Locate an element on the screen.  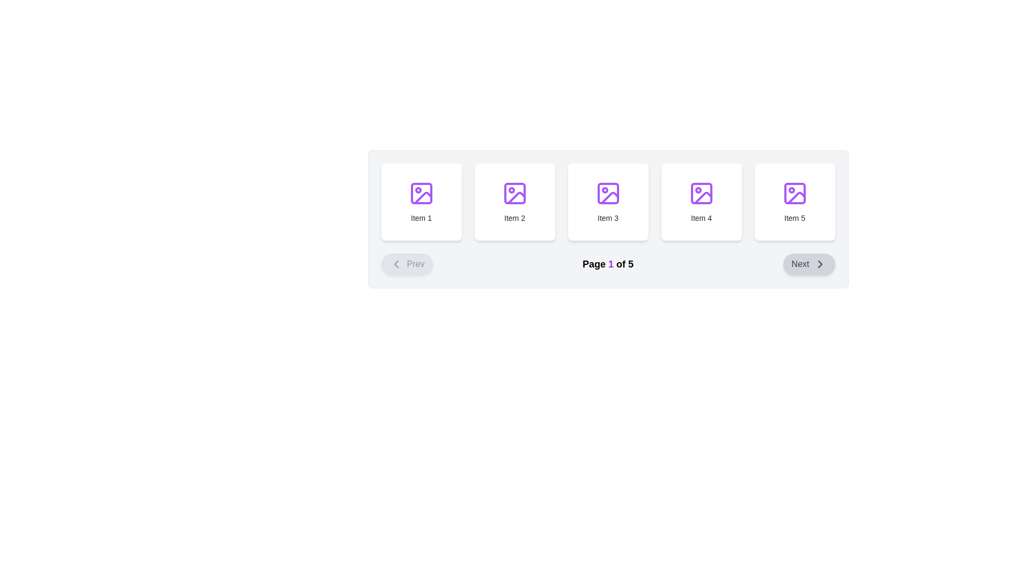
the 'Prev' text label within the navigation button, which is part of a circular button with a gray background located at the bottom-left corner of the content carousel is located at coordinates (415, 264).